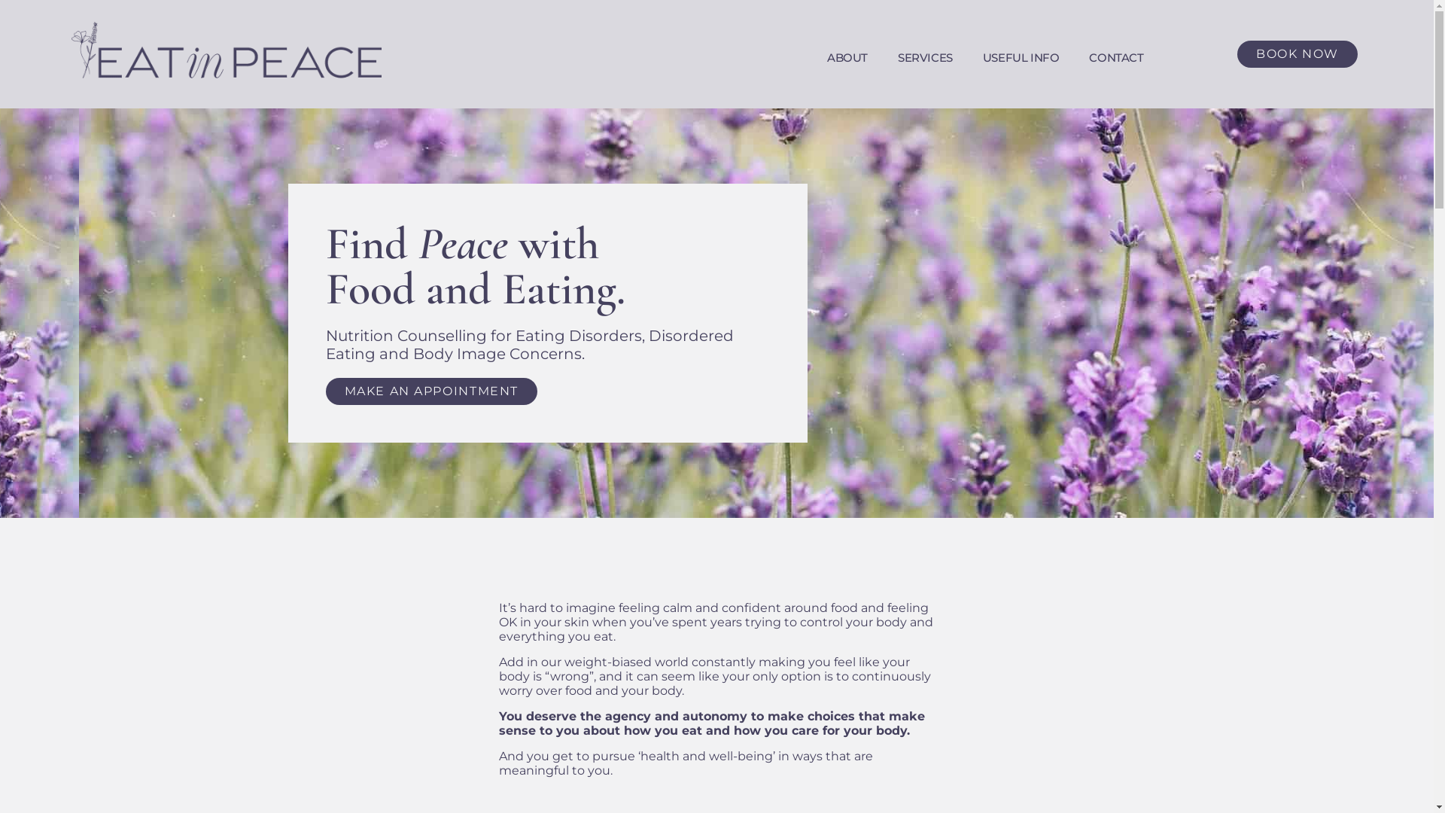 This screenshot has width=1445, height=813. Describe the element at coordinates (1116, 57) in the screenshot. I see `'CONTACT'` at that location.